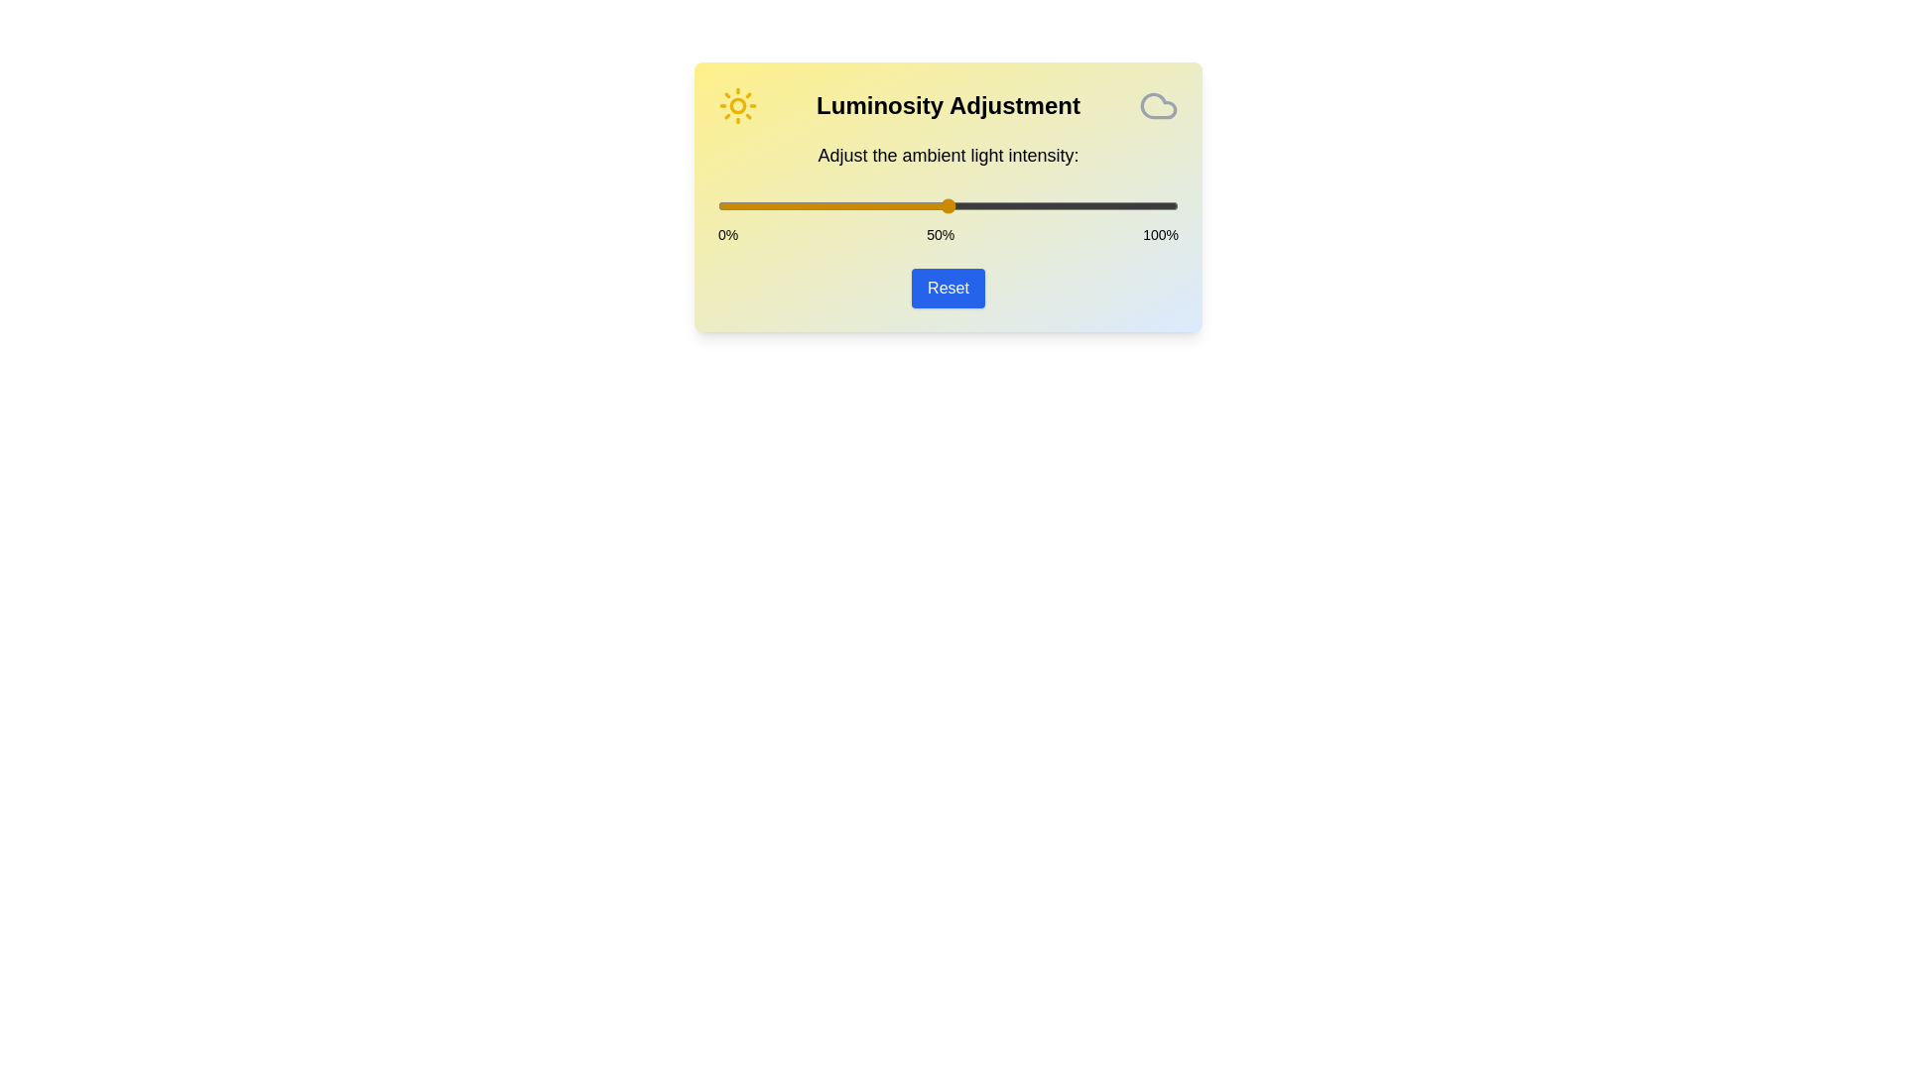 Image resolution: width=1905 pixels, height=1071 pixels. Describe the element at coordinates (772, 206) in the screenshot. I see `the light intensity to 12% by sliding the slider` at that location.